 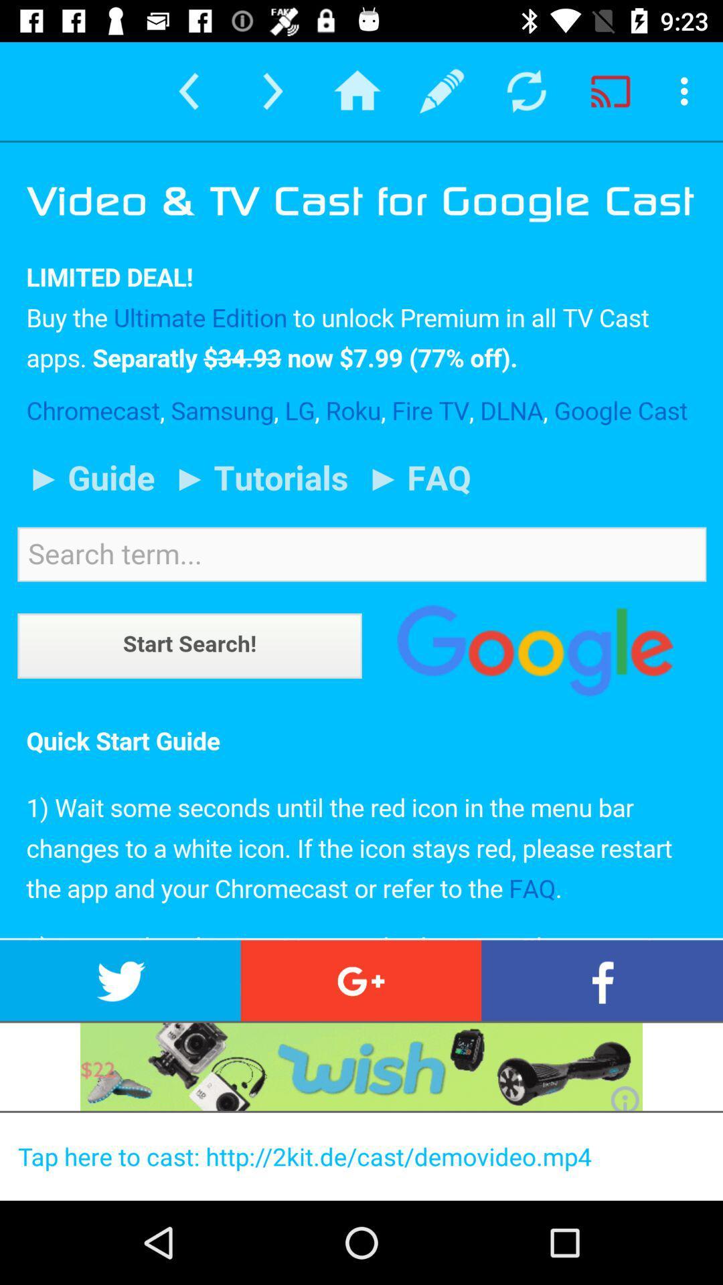 What do you see at coordinates (361, 1066) in the screenshot?
I see `click the wish advertisement` at bounding box center [361, 1066].